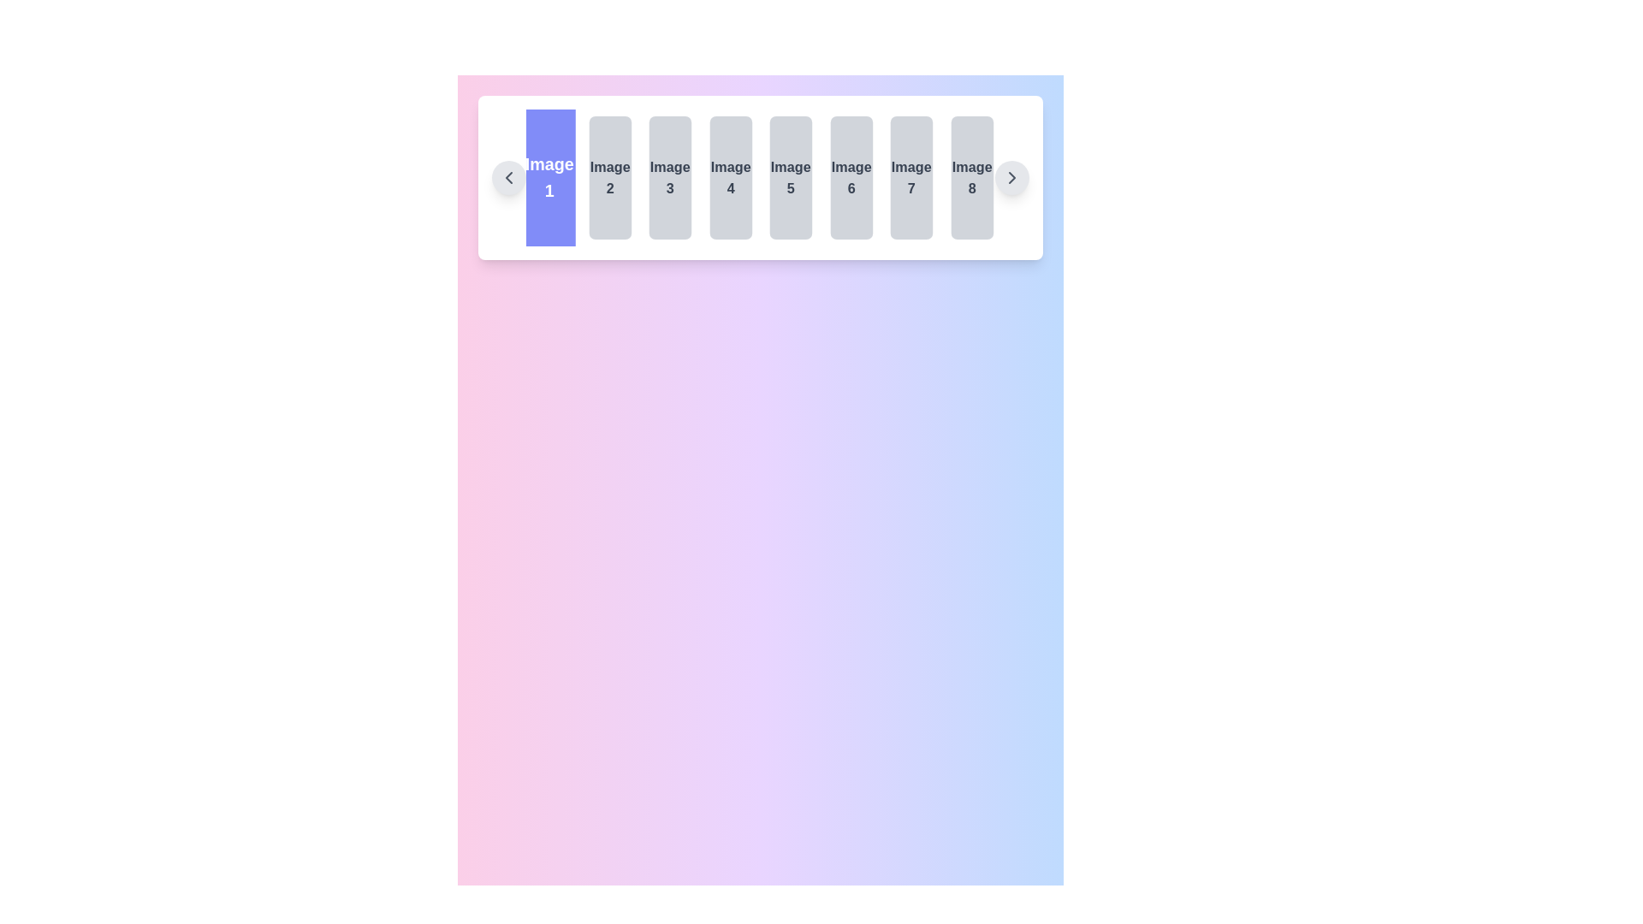 This screenshot has height=924, width=1643. What do you see at coordinates (730, 178) in the screenshot?
I see `the label displaying 'Image 4', which is the fourth element in a horizontal list of eight, located between 'Image 3' and 'Image 5'` at bounding box center [730, 178].